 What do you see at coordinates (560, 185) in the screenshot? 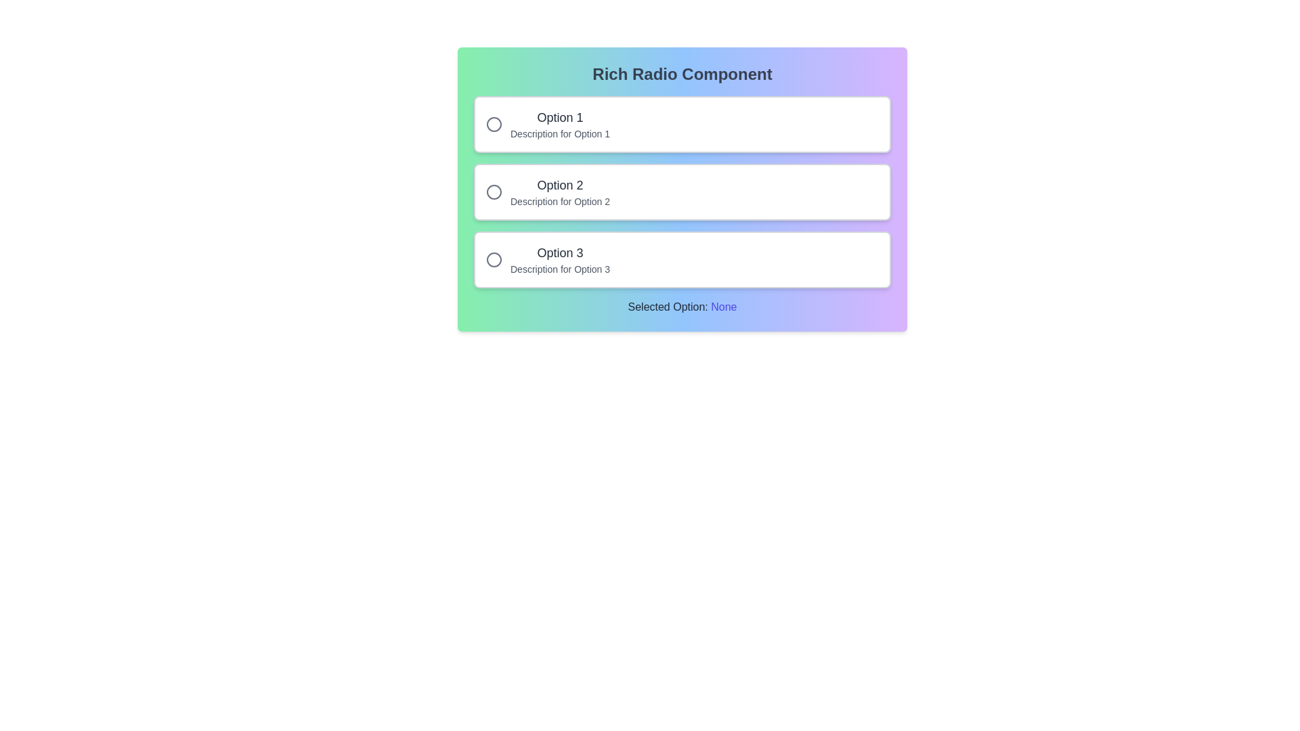
I see `text label that serves as the title for the second option in a vertically aligned list, located above the description text for Option 2` at bounding box center [560, 185].